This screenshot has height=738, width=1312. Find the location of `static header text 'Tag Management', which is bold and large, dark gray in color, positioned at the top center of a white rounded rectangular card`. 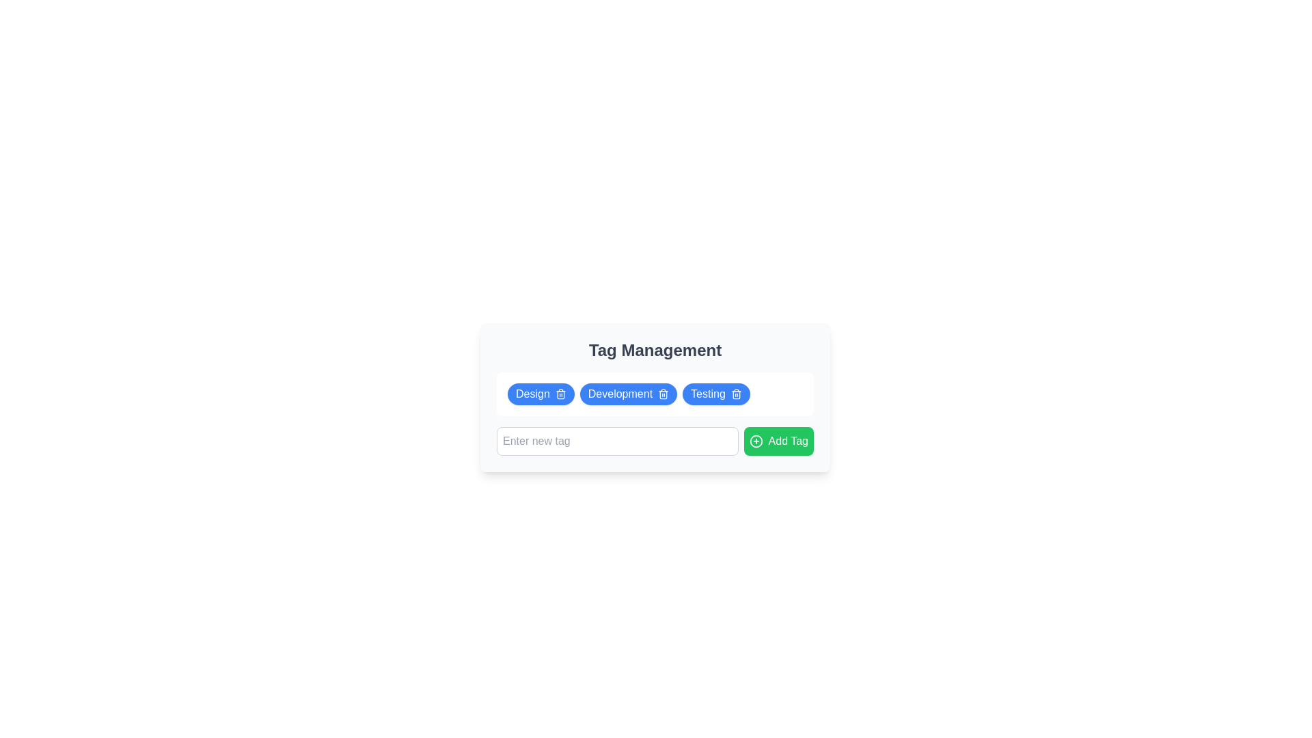

static header text 'Tag Management', which is bold and large, dark gray in color, positioned at the top center of a white rounded rectangular card is located at coordinates (655, 350).